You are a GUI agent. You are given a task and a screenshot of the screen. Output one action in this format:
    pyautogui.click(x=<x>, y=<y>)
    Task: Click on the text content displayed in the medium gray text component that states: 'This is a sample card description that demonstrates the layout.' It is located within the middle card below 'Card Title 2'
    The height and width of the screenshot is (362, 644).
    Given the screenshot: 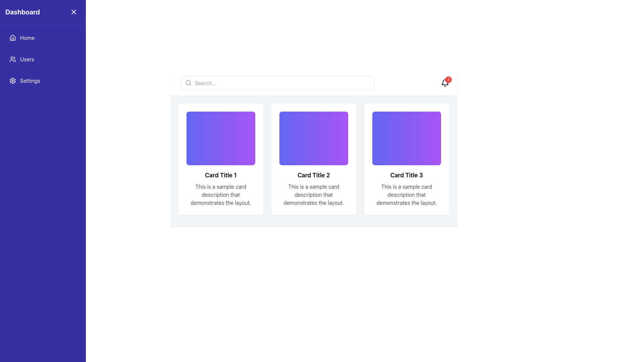 What is the action you would take?
    pyautogui.click(x=313, y=195)
    